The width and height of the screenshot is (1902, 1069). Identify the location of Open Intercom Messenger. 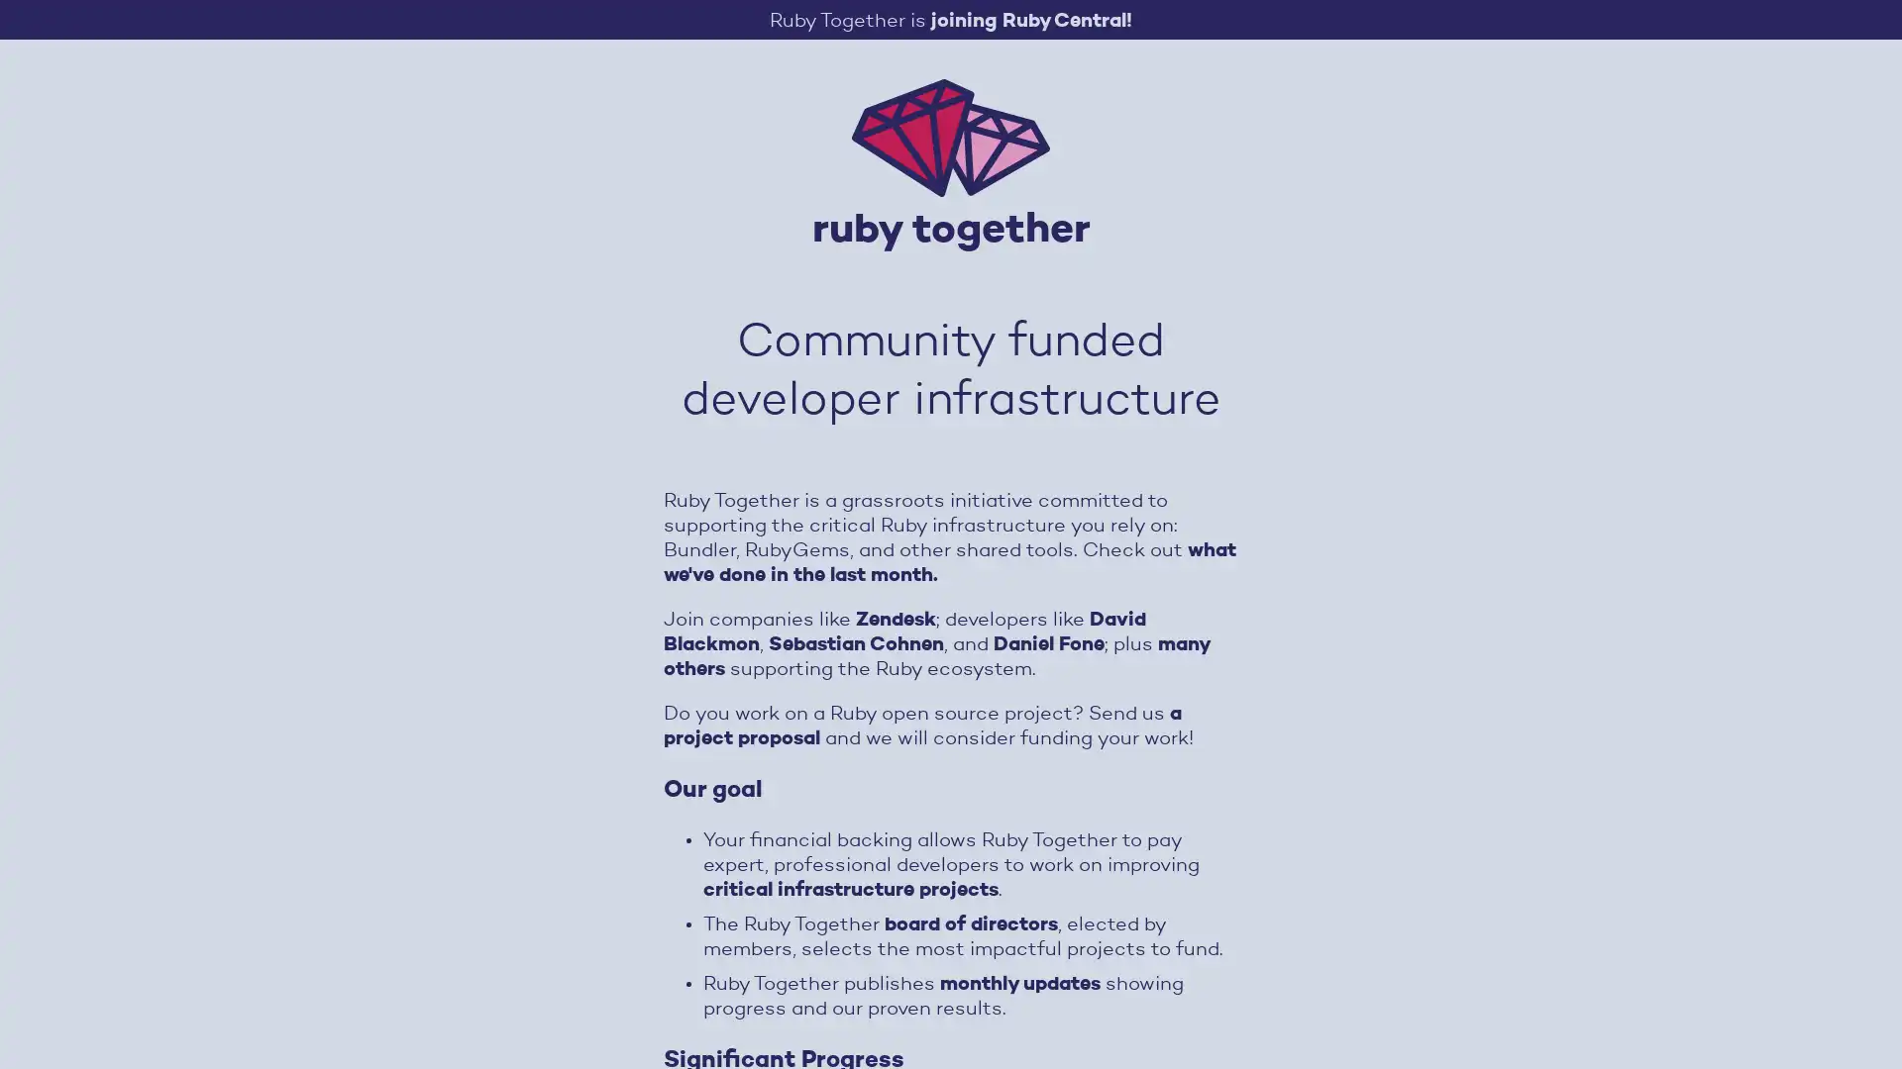
(1851, 1019).